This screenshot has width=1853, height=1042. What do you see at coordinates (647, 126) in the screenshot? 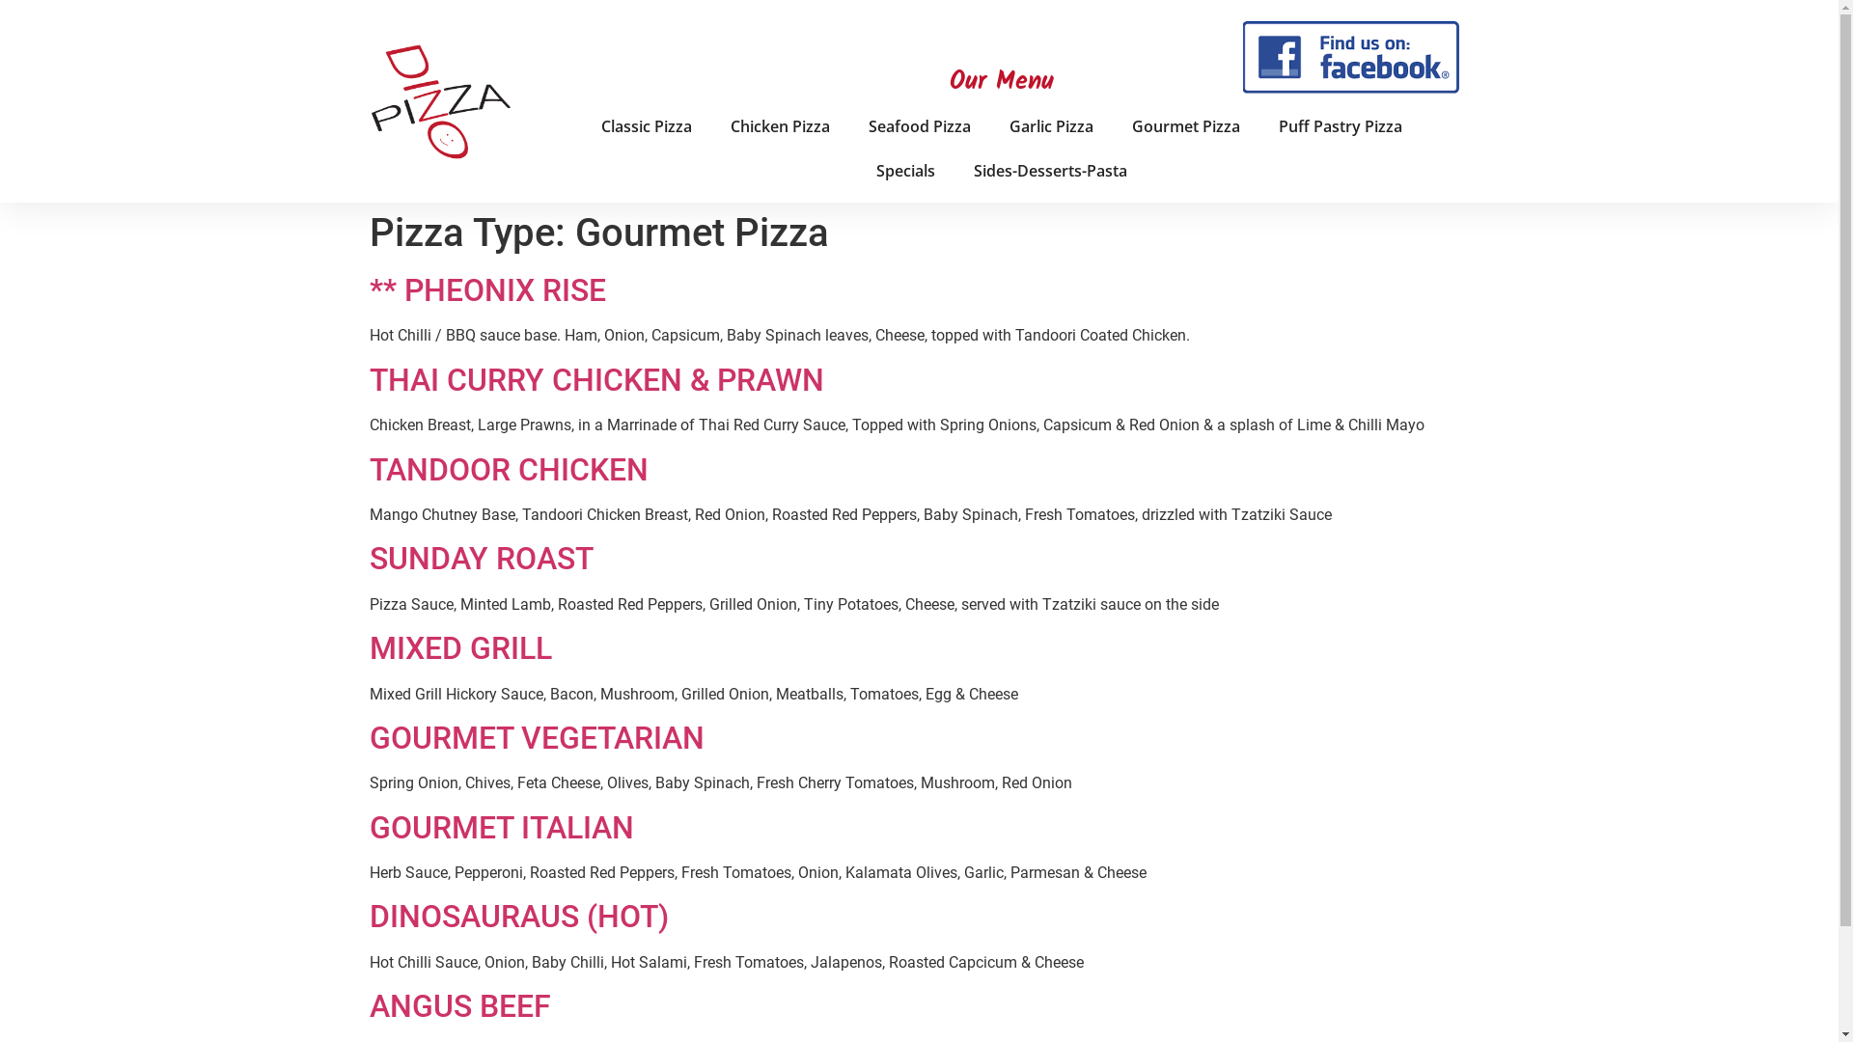
I see `'Classic Pizza'` at bounding box center [647, 126].